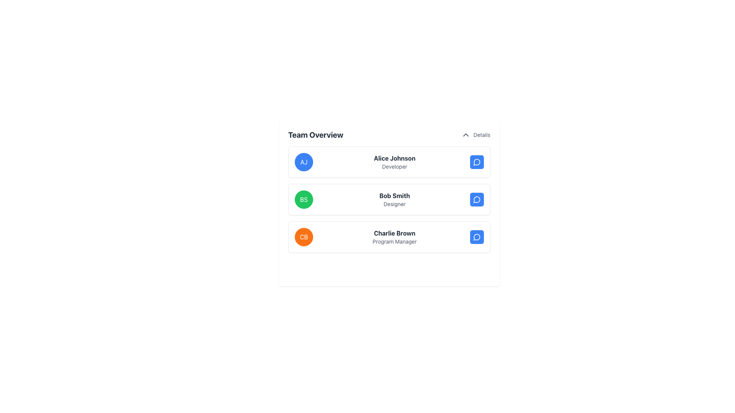  I want to click on the text element displaying the name 'Alice Johnson', which is positioned in the first row of the team list, next to the avatar marked 'AJ', and above the title 'Developer', so click(395, 158).